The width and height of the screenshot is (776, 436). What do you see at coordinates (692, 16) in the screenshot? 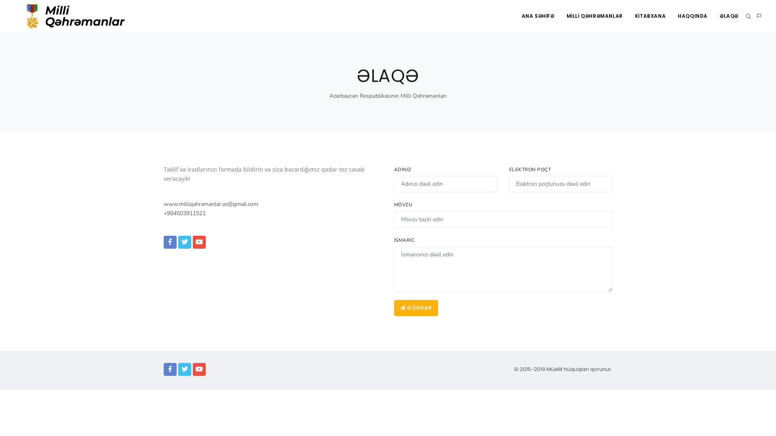
I see `'HAQQINDA'` at bounding box center [692, 16].